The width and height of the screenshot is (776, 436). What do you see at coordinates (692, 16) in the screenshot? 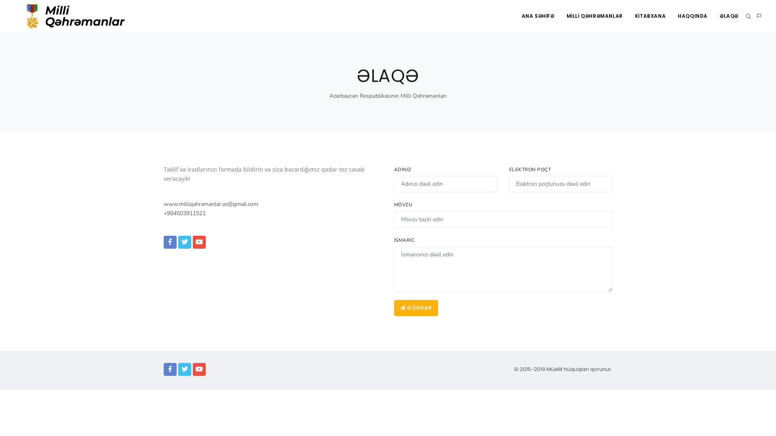
I see `'HAQQINDA'` at bounding box center [692, 16].